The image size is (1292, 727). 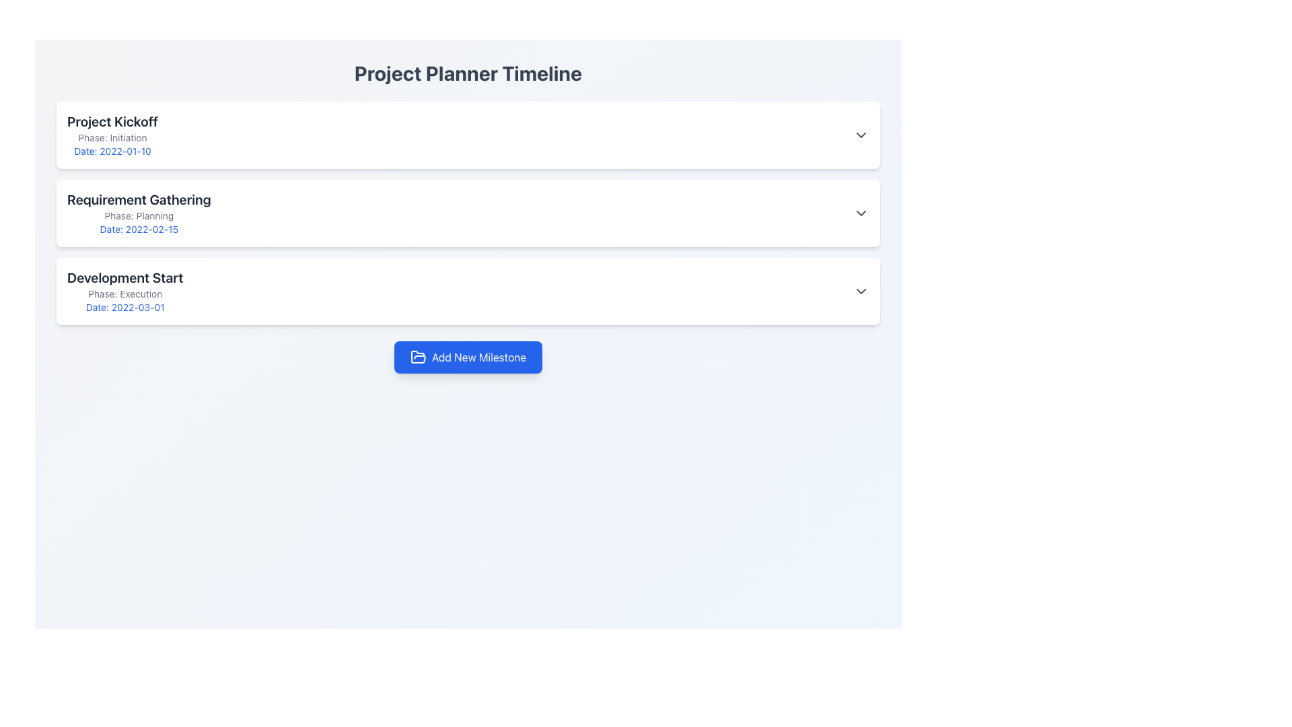 What do you see at coordinates (139, 200) in the screenshot?
I see `the informational label indicating the title of the second milestone, 'Requirement Gathering', located in the timeline interface` at bounding box center [139, 200].